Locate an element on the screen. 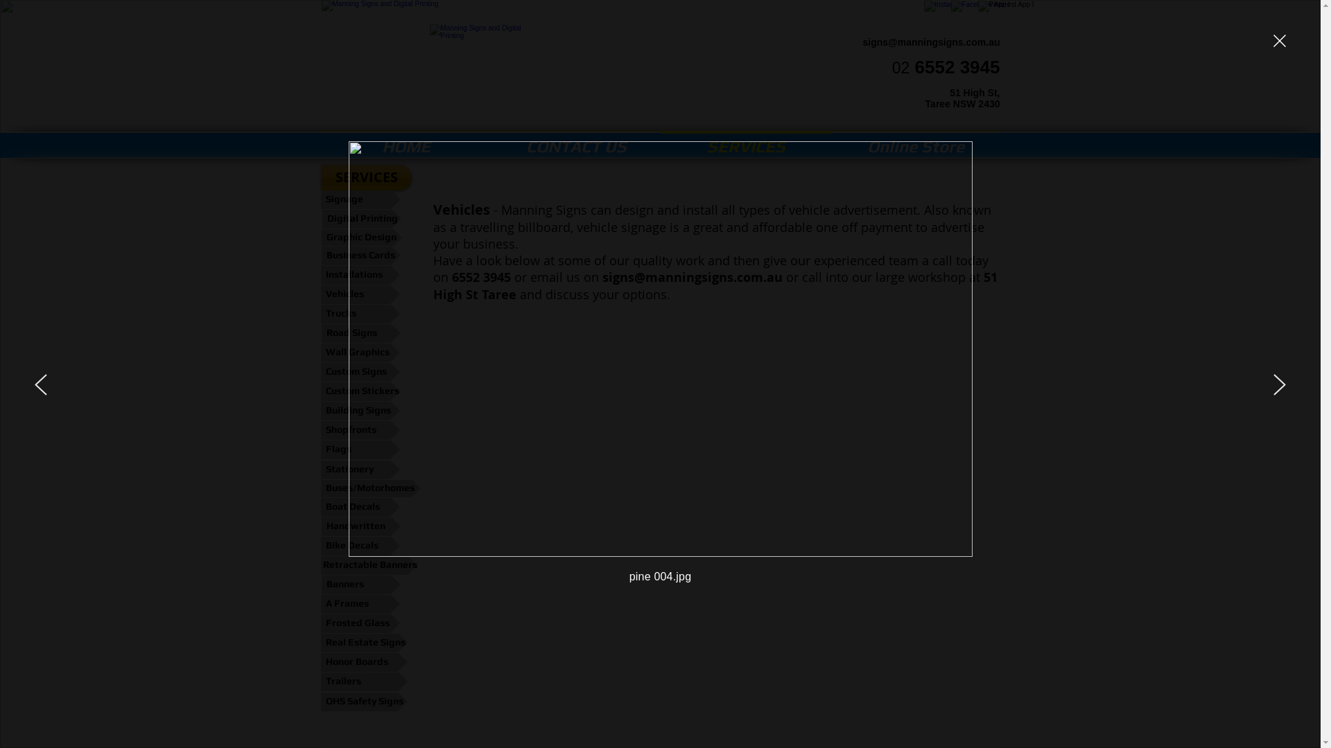 This screenshot has width=1331, height=748. 'Handwritten' is located at coordinates (321, 526).